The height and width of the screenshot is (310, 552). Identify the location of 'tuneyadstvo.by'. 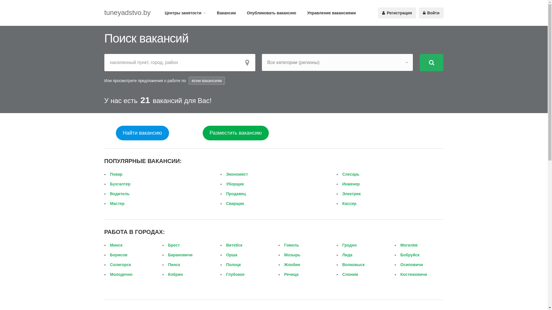
(104, 12).